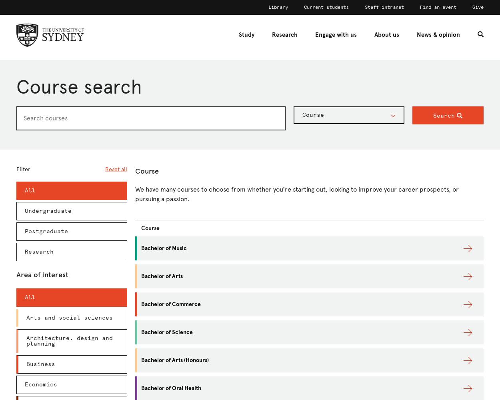  What do you see at coordinates (384, 7) in the screenshot?
I see `'Staff intranet'` at bounding box center [384, 7].